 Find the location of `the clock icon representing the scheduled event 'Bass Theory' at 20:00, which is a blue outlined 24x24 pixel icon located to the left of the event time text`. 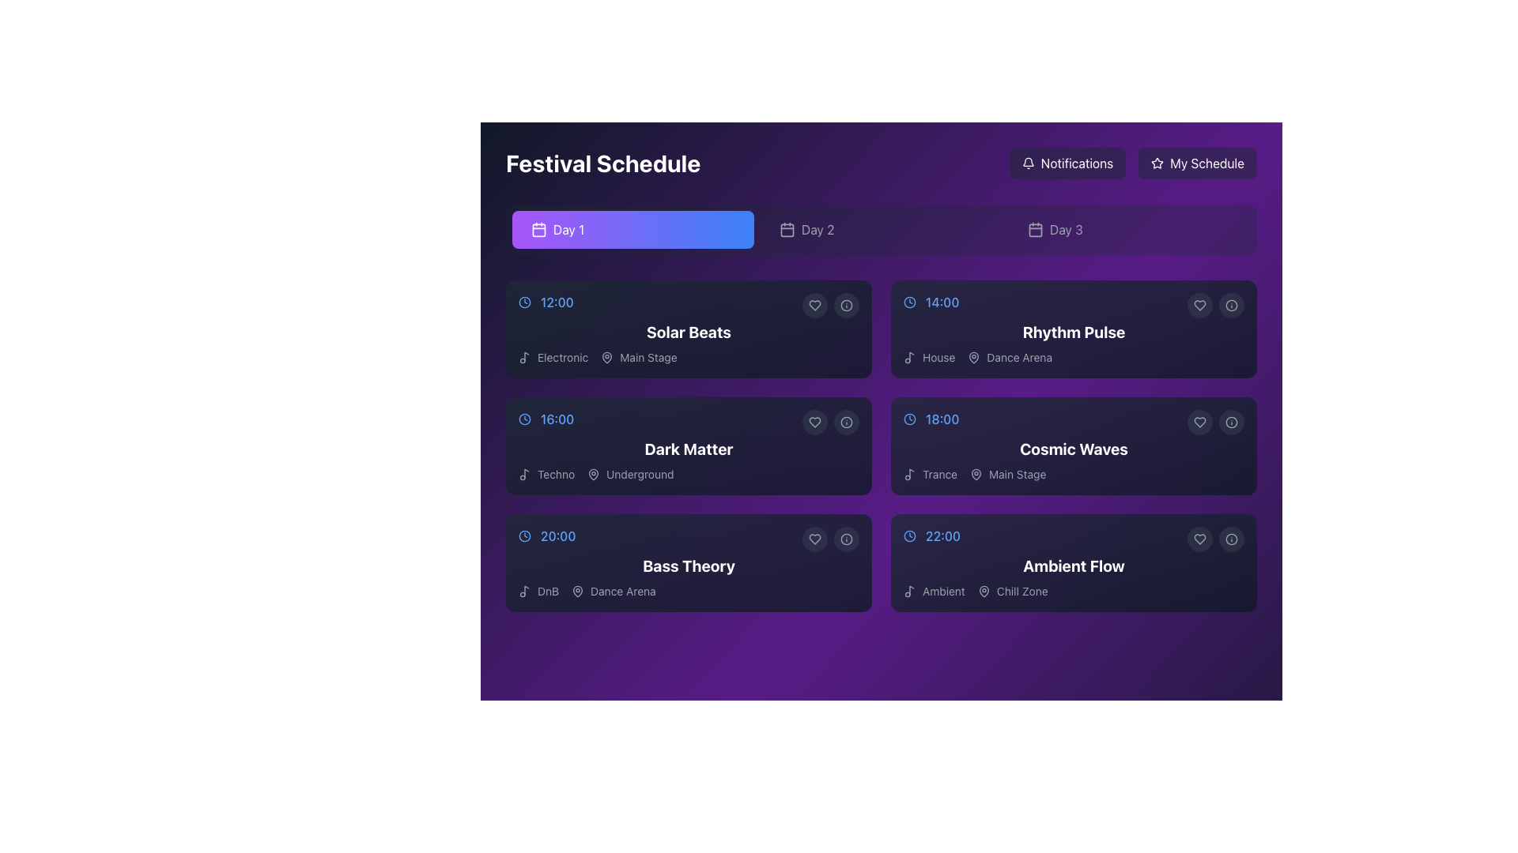

the clock icon representing the scheduled event 'Bass Theory' at 20:00, which is a blue outlined 24x24 pixel icon located to the left of the event time text is located at coordinates (524, 535).